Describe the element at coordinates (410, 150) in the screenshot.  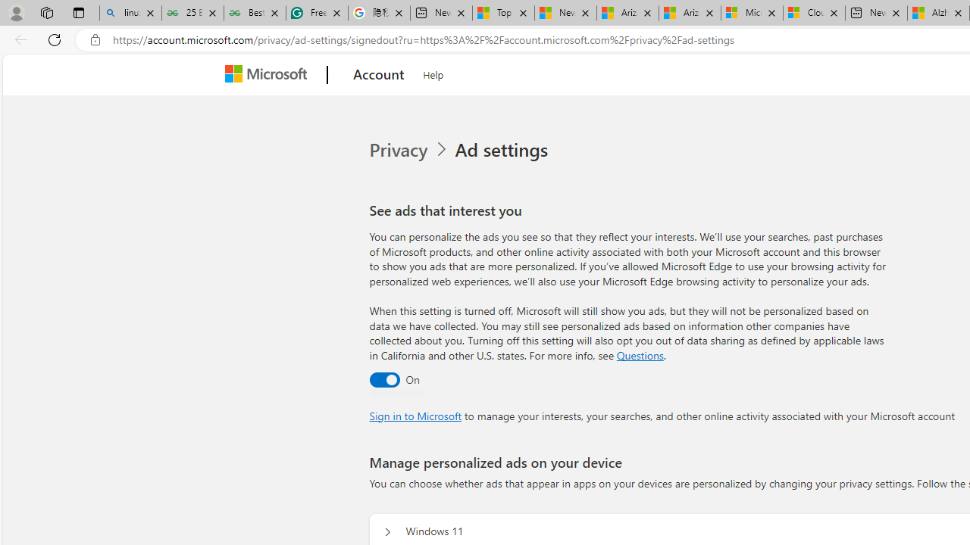
I see `'Privacy'` at that location.